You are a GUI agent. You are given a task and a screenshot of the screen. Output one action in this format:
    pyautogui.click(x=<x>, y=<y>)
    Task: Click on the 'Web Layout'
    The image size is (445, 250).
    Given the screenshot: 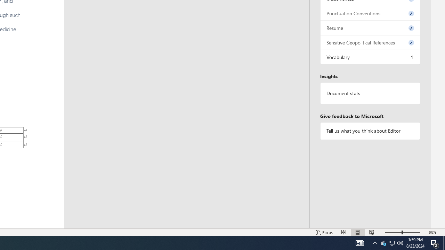 What is the action you would take?
    pyautogui.click(x=371, y=232)
    